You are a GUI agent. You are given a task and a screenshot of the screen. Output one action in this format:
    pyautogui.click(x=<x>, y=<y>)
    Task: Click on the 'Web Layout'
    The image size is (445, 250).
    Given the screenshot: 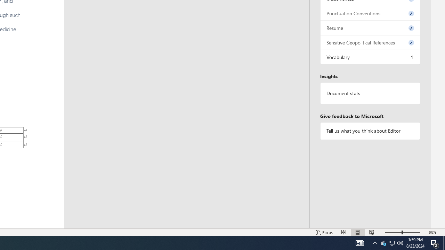 What is the action you would take?
    pyautogui.click(x=371, y=232)
    